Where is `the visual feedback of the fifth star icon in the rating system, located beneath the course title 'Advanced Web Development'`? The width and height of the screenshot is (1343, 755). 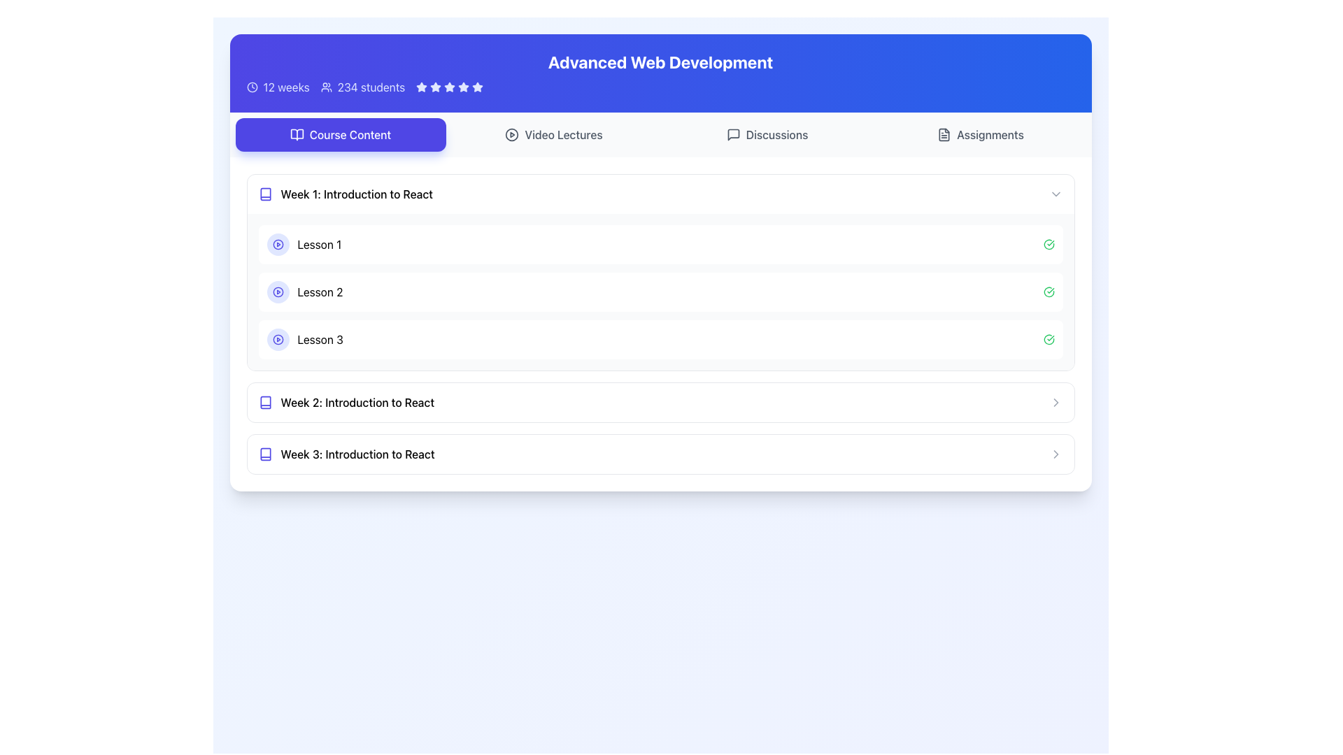
the visual feedback of the fifth star icon in the rating system, located beneath the course title 'Advanced Web Development' is located at coordinates (464, 87).